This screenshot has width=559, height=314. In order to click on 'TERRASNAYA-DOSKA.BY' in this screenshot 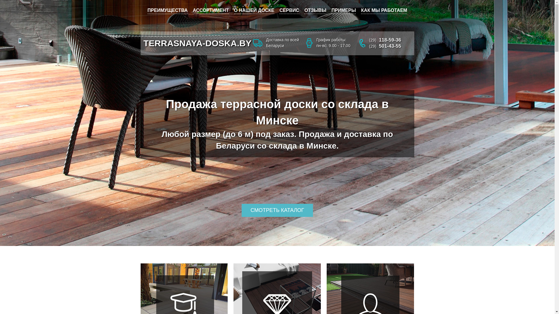, I will do `click(197, 43)`.